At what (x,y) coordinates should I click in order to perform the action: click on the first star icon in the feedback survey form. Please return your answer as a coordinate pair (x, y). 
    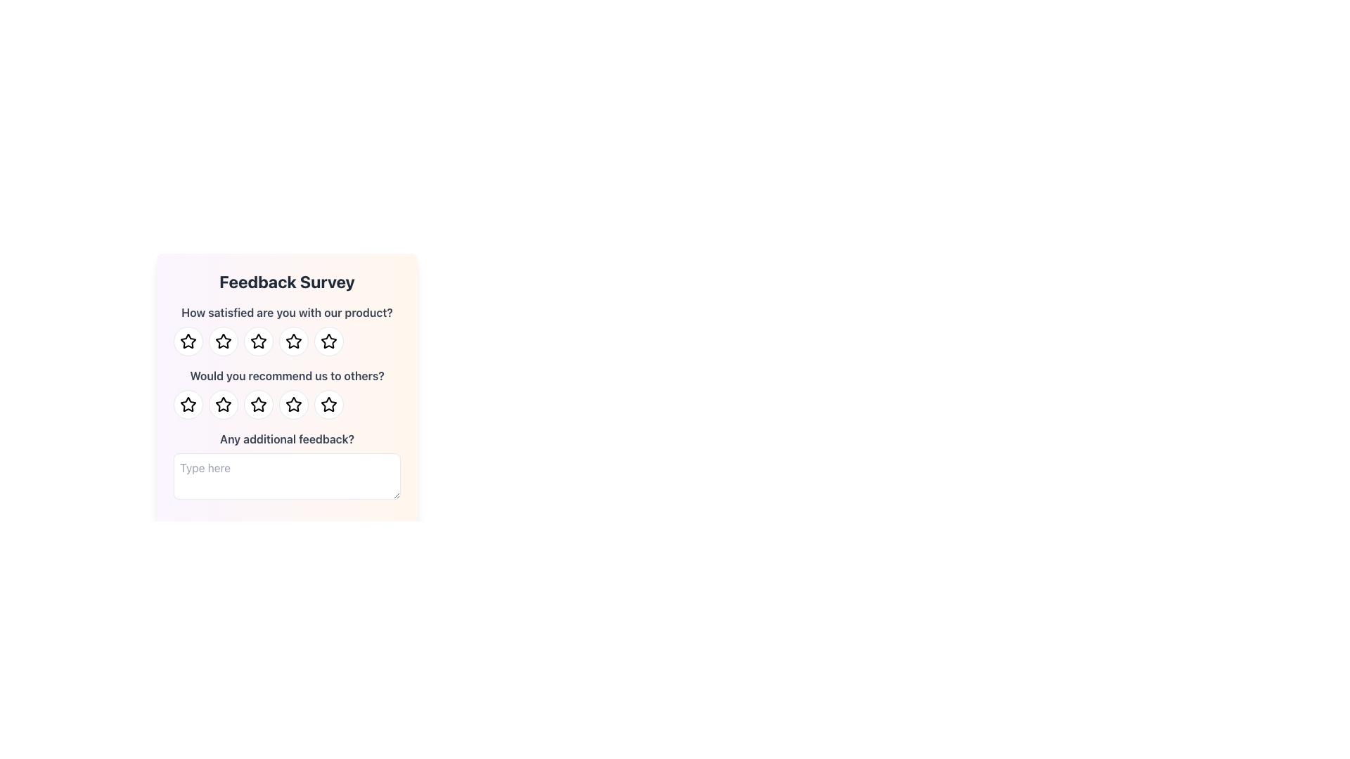
    Looking at the image, I should click on (187, 341).